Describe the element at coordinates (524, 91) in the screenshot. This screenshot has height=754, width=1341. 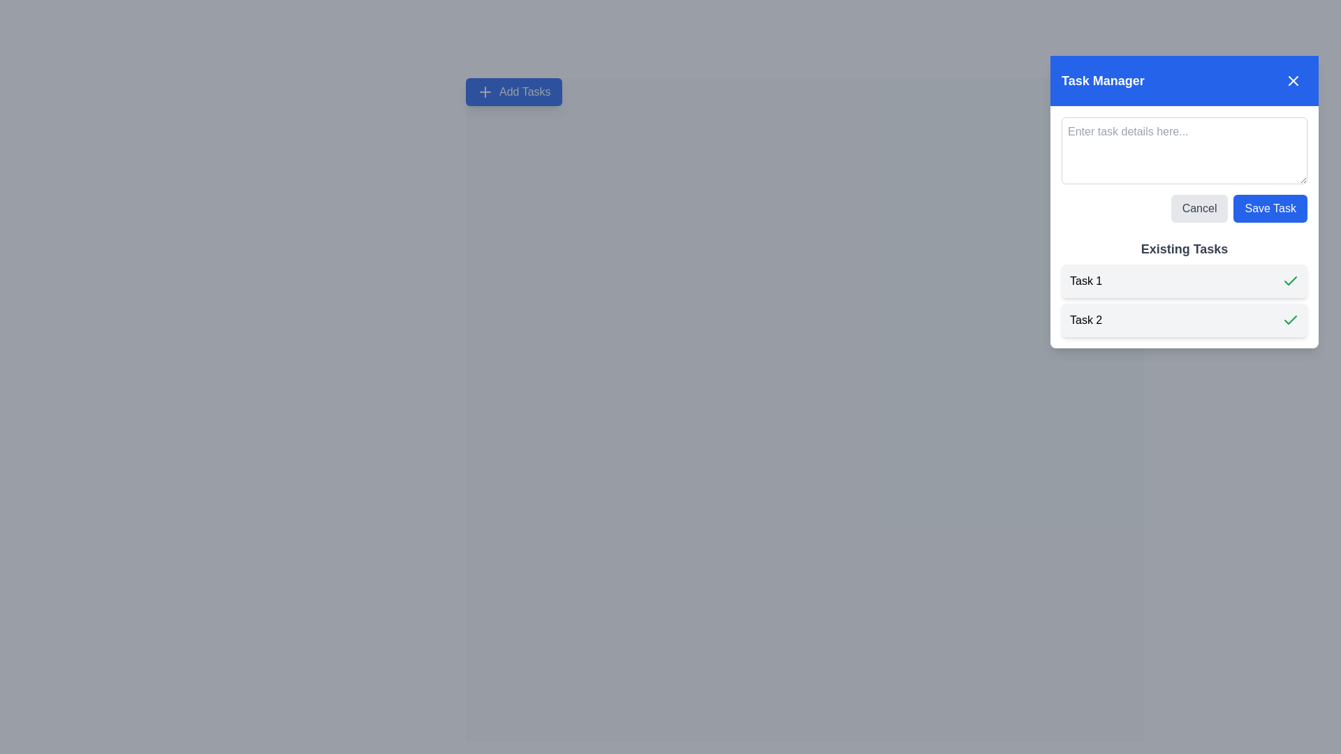
I see `the blue button labeled 'Add Tasks' that contains a plus-shaped icon on its left side, located in the upper-left portion of the interface` at that location.